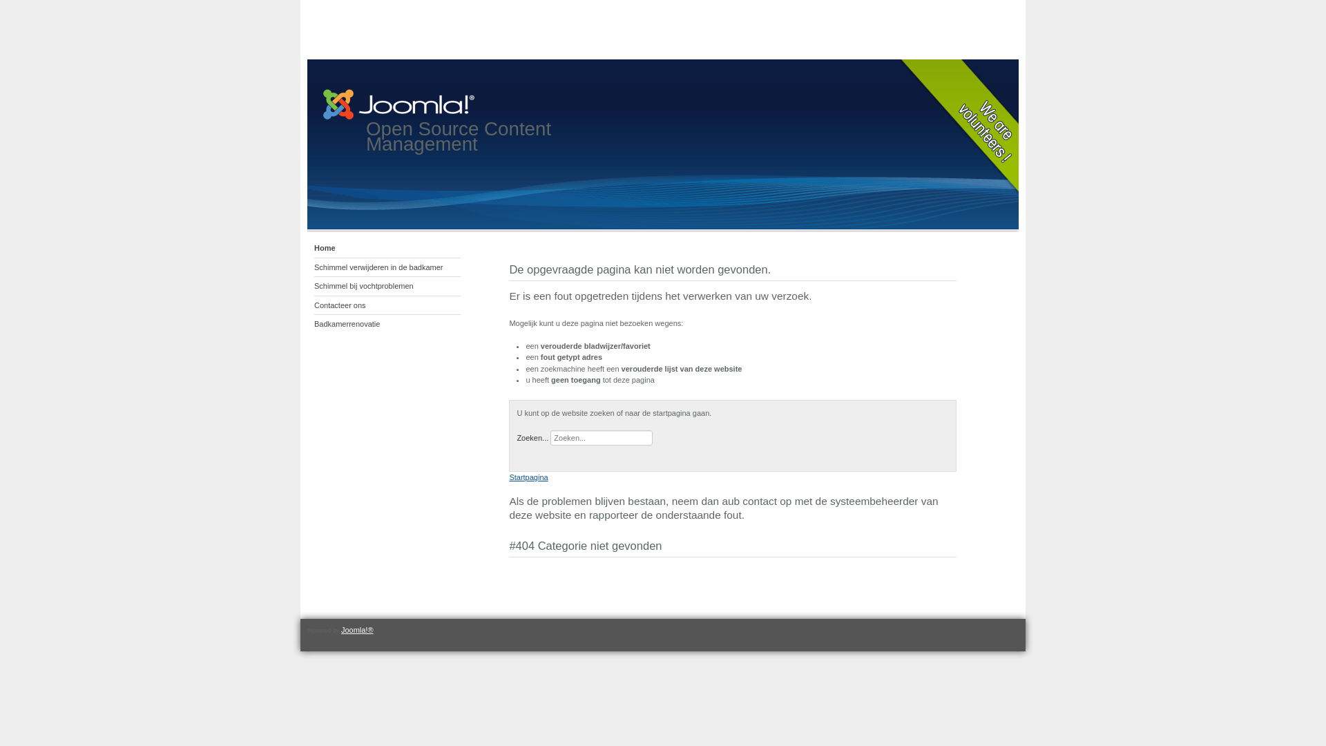  Describe the element at coordinates (387, 247) in the screenshot. I see `'Home'` at that location.